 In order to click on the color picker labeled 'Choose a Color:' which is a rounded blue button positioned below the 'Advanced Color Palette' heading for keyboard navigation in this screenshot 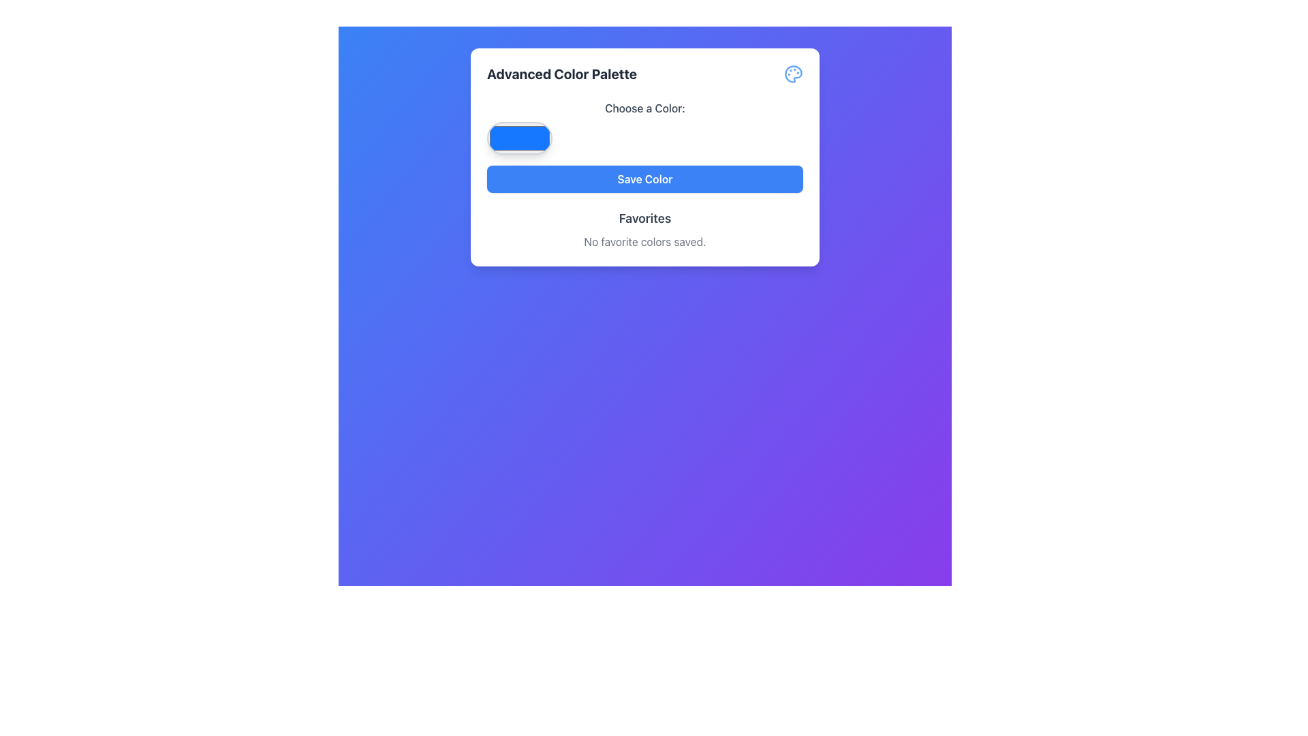, I will do `click(644, 127)`.